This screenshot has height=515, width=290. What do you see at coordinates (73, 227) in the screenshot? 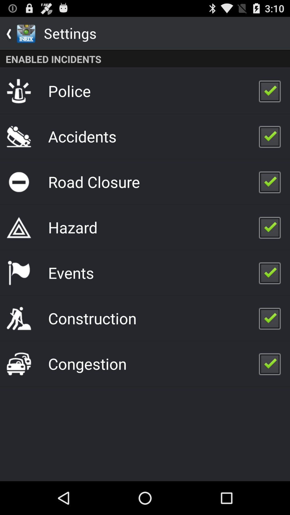
I see `hazard app` at bounding box center [73, 227].